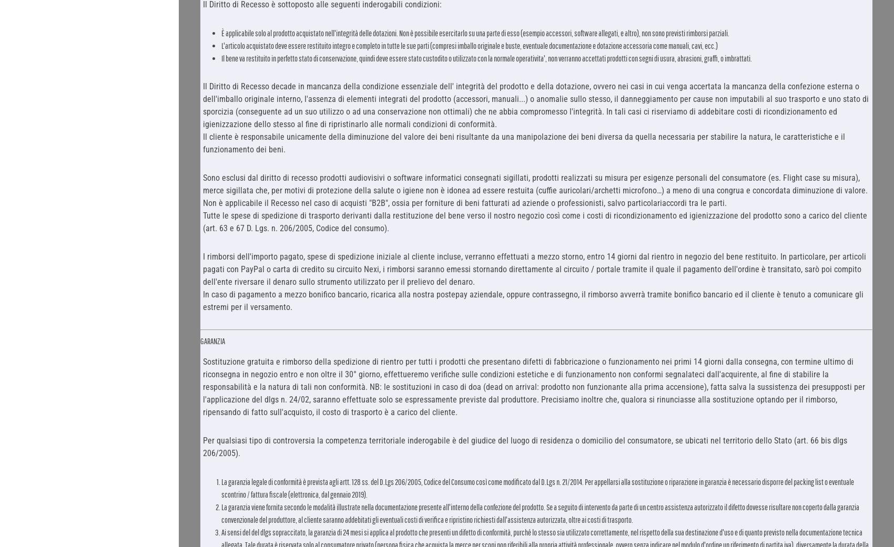 Image resolution: width=894 pixels, height=547 pixels. What do you see at coordinates (534, 221) in the screenshot?
I see `'Tutte le spese di spedizione di trasporto derivanti dalla restituzione del bene verso il nostro negozio così come i costi di ricondizionamento ed
igienizzazione del prodotto sono a carico del cliente (art. 63 e 67 D. Lgs. n. 206/2005, Codice del consumo).'` at bounding box center [534, 221].